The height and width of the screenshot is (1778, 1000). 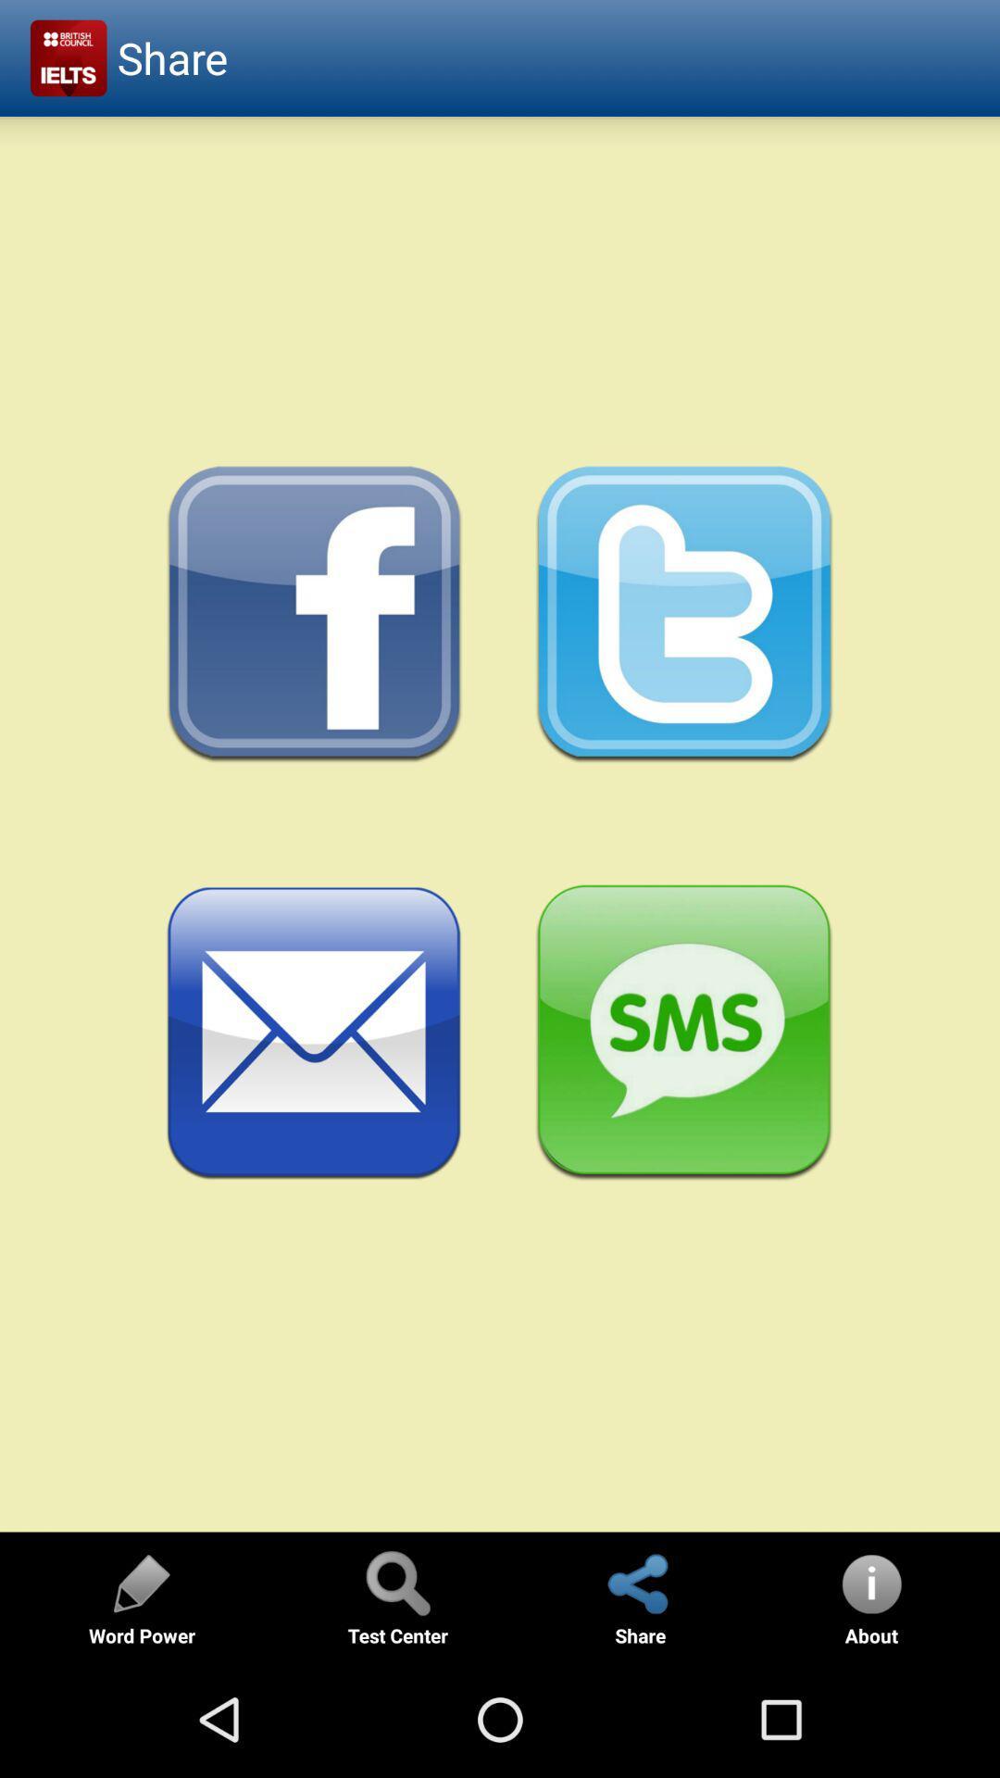 What do you see at coordinates (314, 615) in the screenshot?
I see `navigate to facebook` at bounding box center [314, 615].